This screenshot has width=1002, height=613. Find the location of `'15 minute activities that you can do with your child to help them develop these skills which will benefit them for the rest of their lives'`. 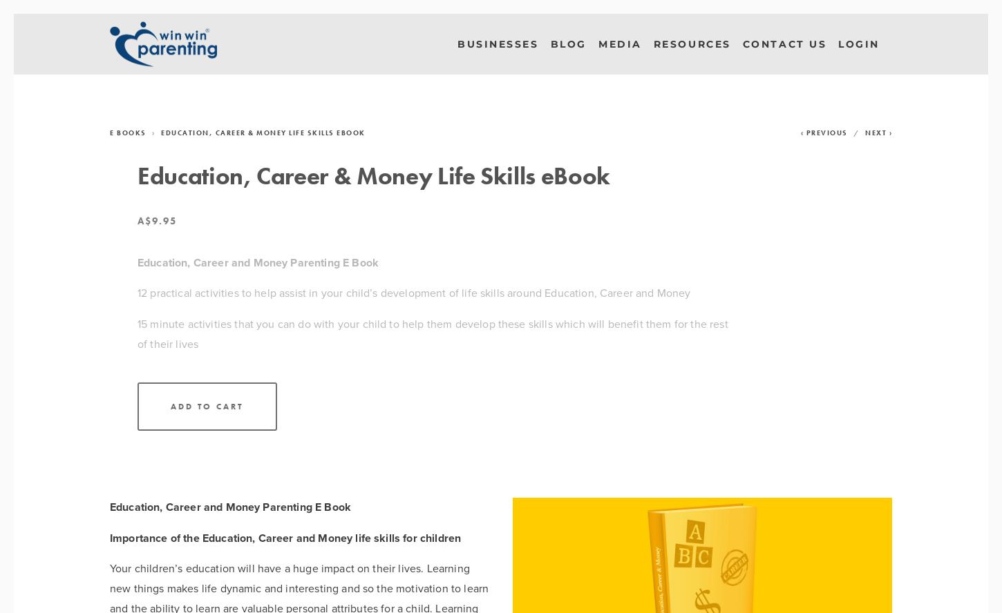

'15 minute activities that you can do with your child to help them develop these skills which will benefit them for the rest of their lives' is located at coordinates (431, 333).